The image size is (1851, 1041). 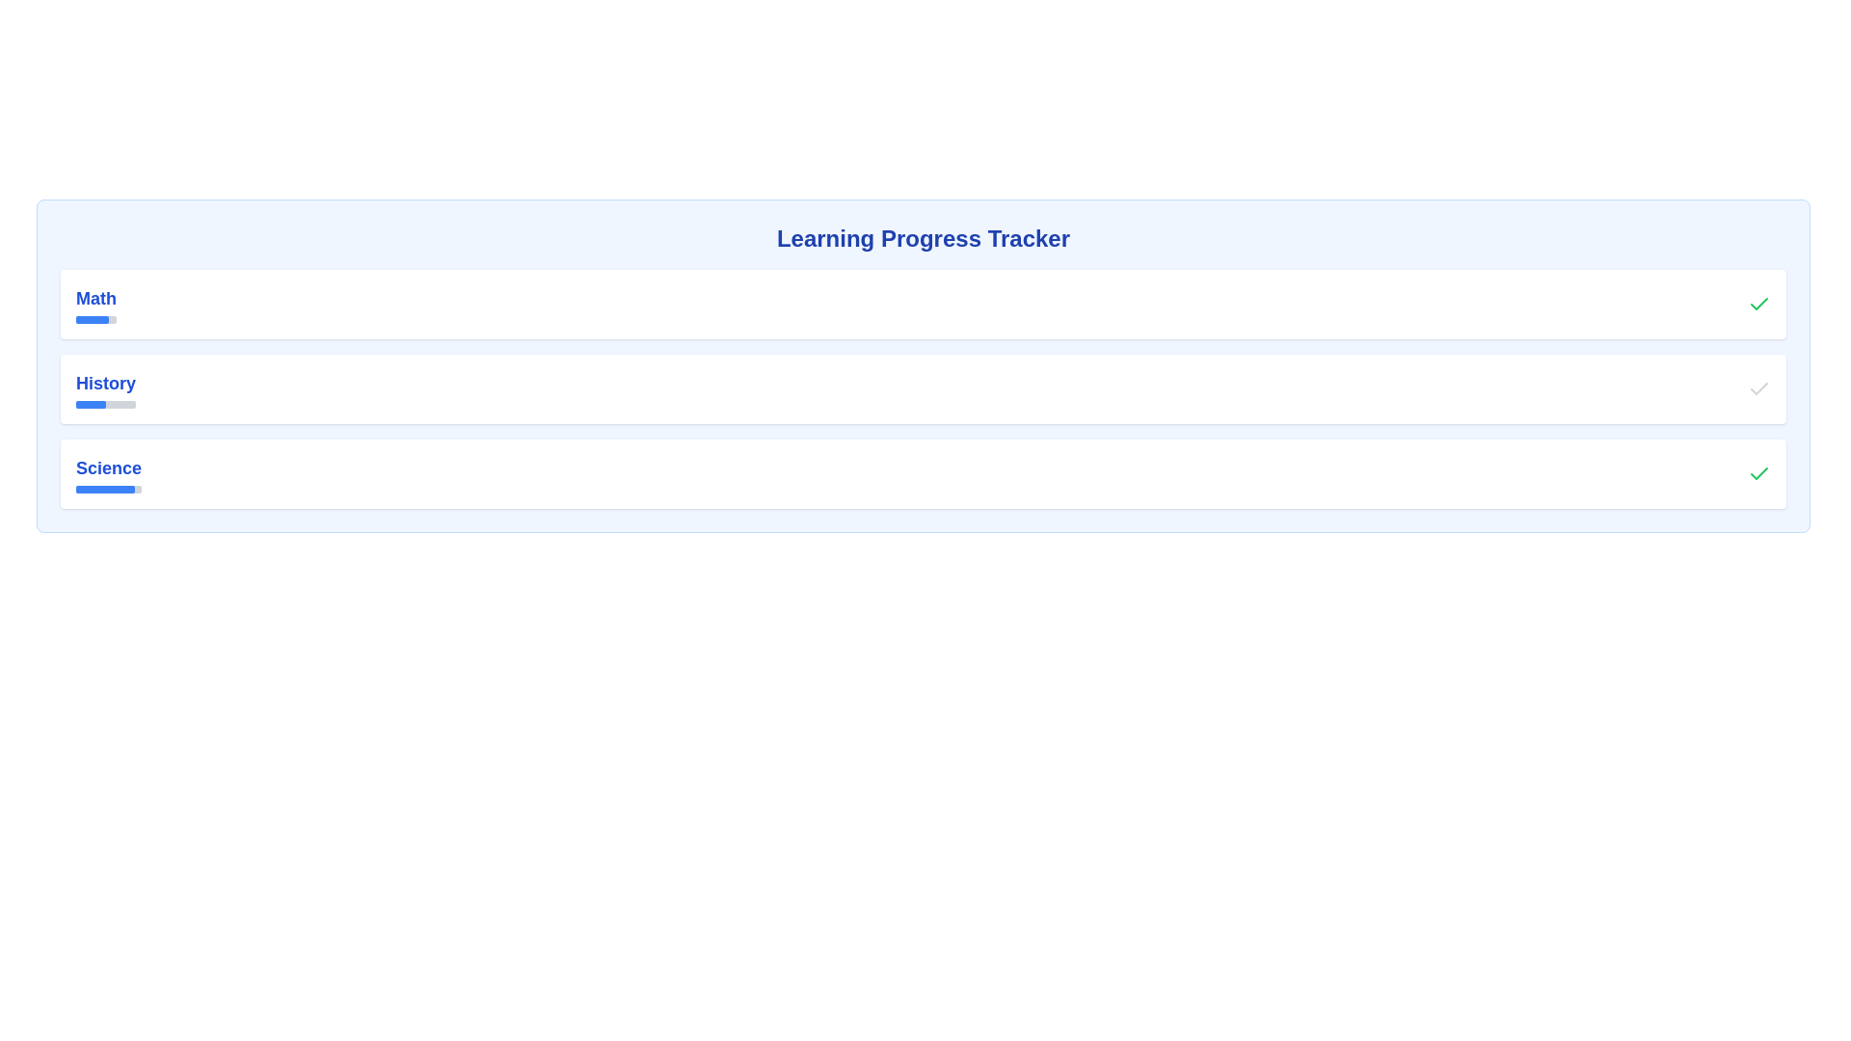 What do you see at coordinates (105, 404) in the screenshot?
I see `the Progress Bar located under the 'History' heading in the Learning Progress Tracker, which is visually represented with a filled blue portion spanning 50% of the total width` at bounding box center [105, 404].